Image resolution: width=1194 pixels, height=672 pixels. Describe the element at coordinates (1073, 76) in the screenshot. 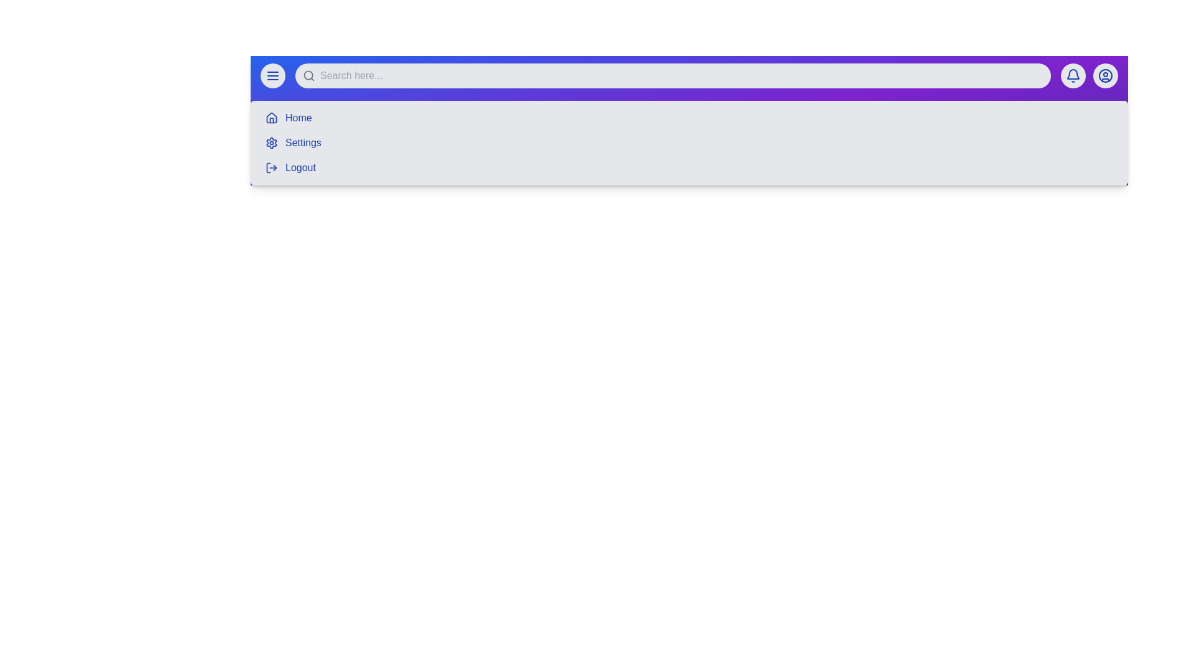

I see `the notifications button` at that location.